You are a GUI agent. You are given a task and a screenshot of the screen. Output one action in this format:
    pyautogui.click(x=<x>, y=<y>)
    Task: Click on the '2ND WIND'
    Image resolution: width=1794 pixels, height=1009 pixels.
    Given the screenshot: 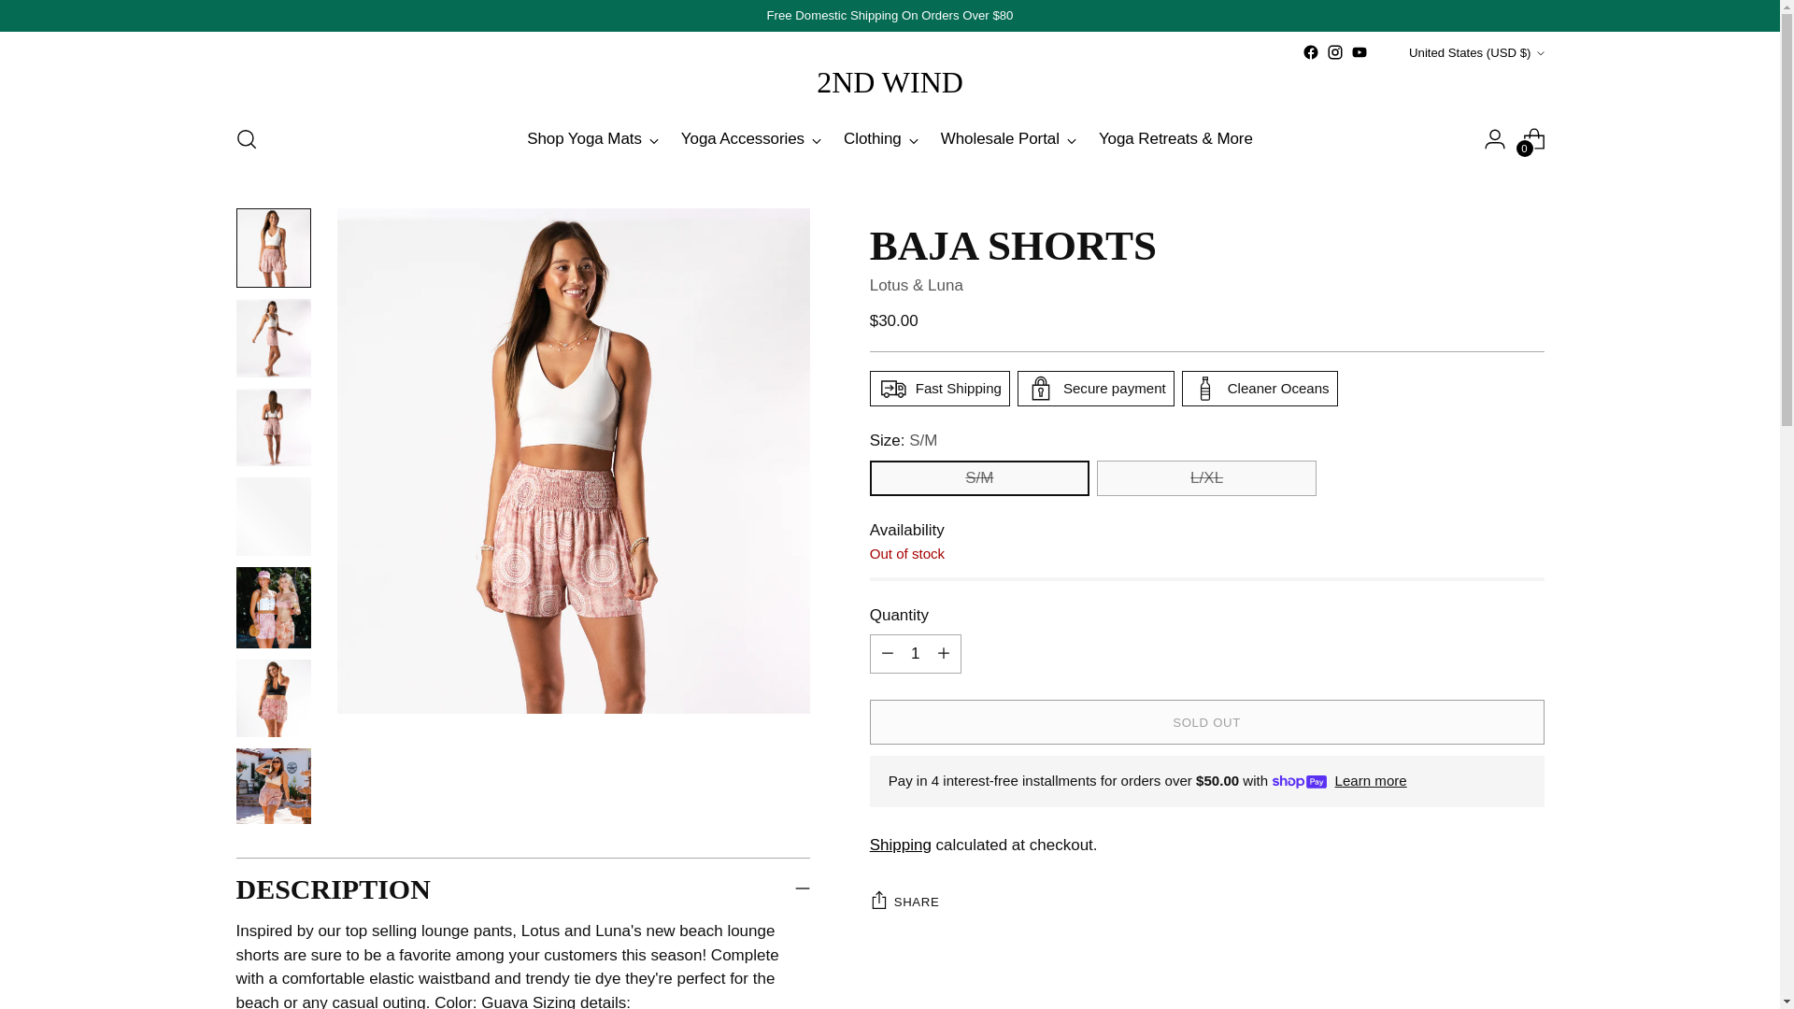 What is the action you would take?
    pyautogui.click(x=889, y=81)
    